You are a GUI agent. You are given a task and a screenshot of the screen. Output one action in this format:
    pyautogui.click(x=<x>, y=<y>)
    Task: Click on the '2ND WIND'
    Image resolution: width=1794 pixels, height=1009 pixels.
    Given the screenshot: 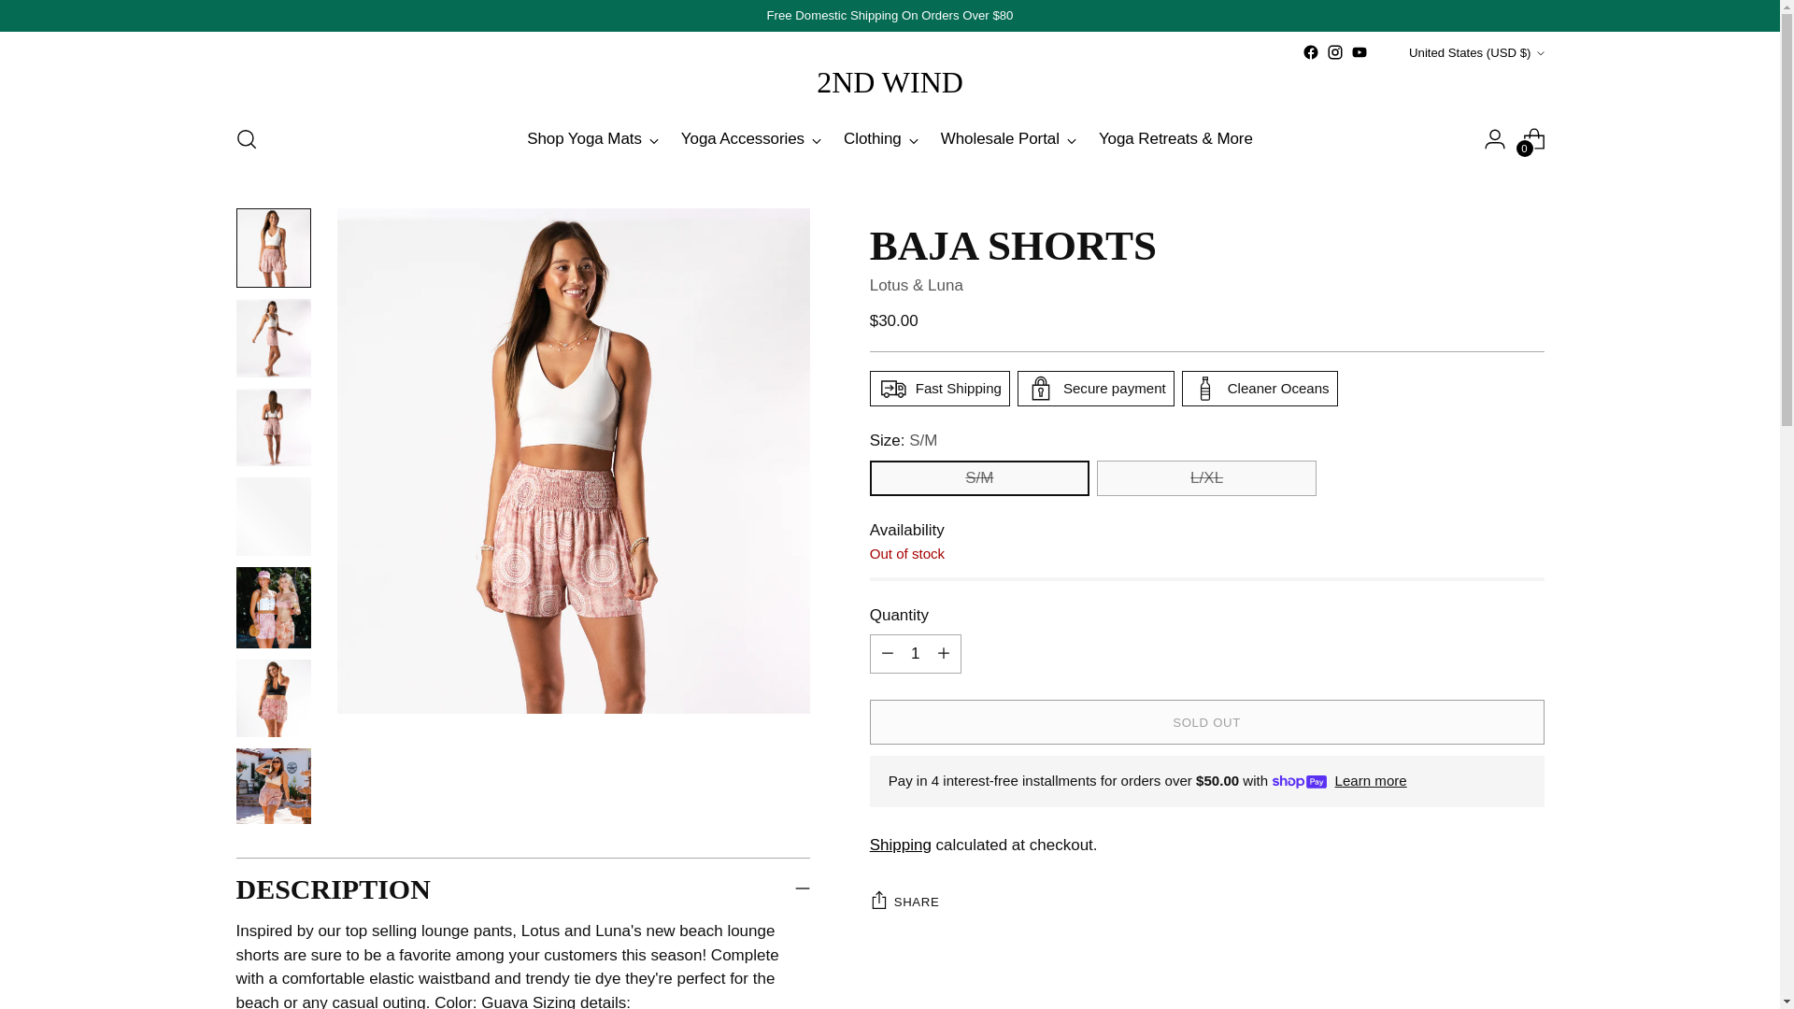 What is the action you would take?
    pyautogui.click(x=889, y=81)
    